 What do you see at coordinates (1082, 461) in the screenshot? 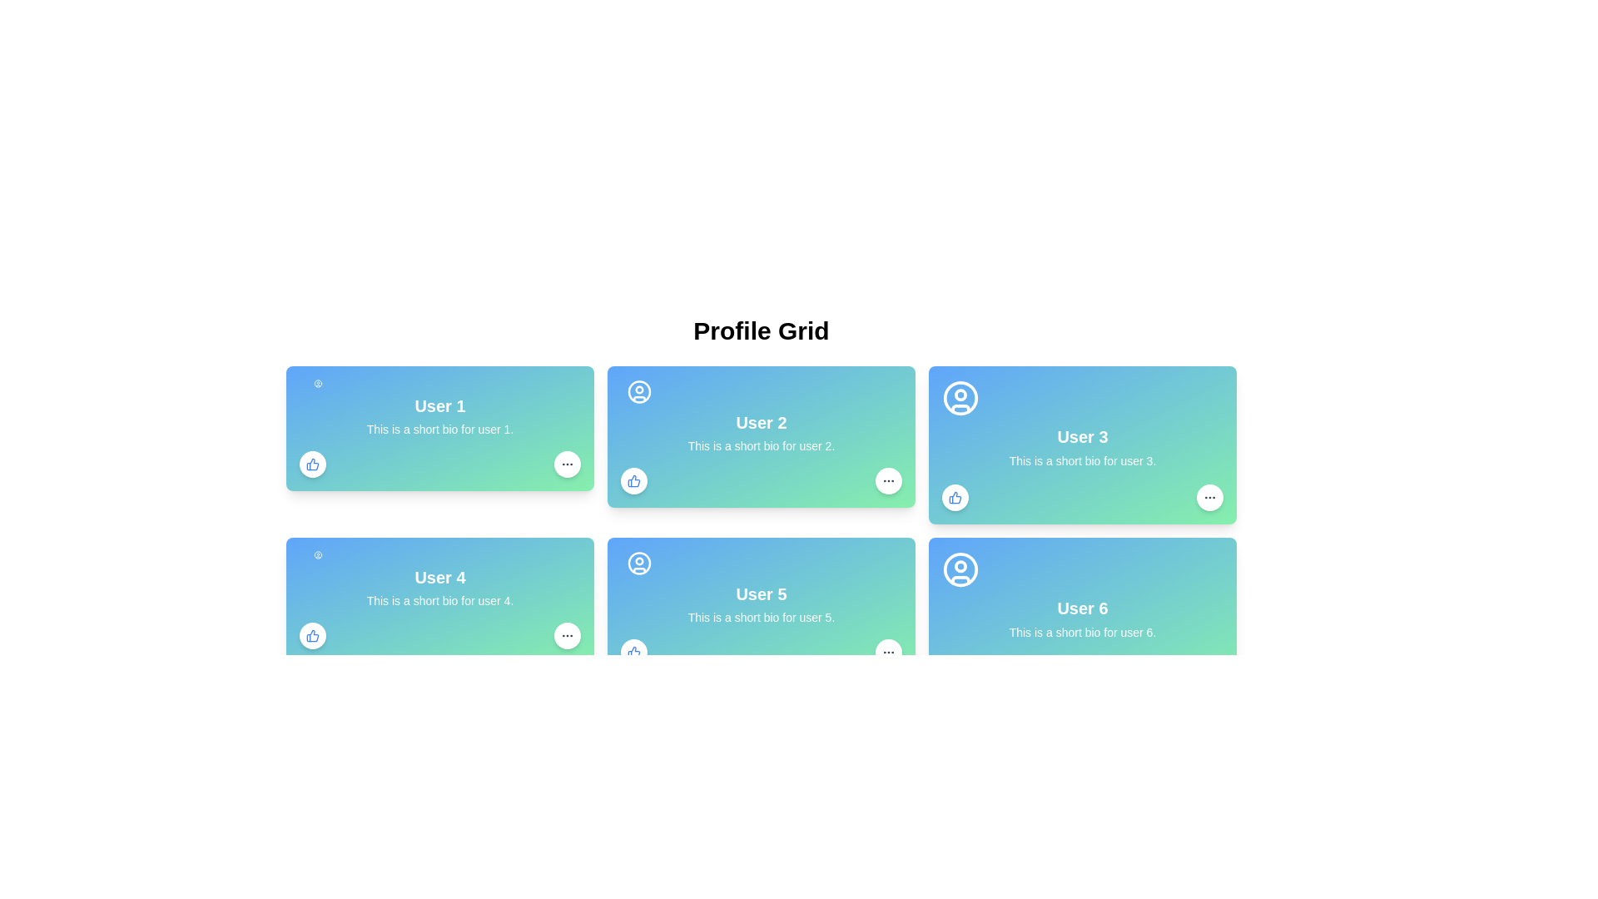
I see `the static text providing a brief description of 'User 3,' located below their name in the profile grid` at bounding box center [1082, 461].